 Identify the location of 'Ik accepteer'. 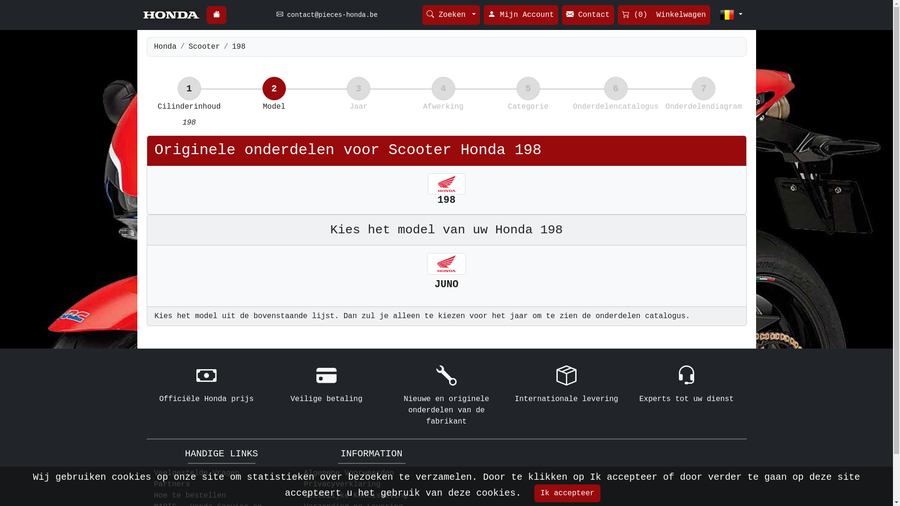
(567, 493).